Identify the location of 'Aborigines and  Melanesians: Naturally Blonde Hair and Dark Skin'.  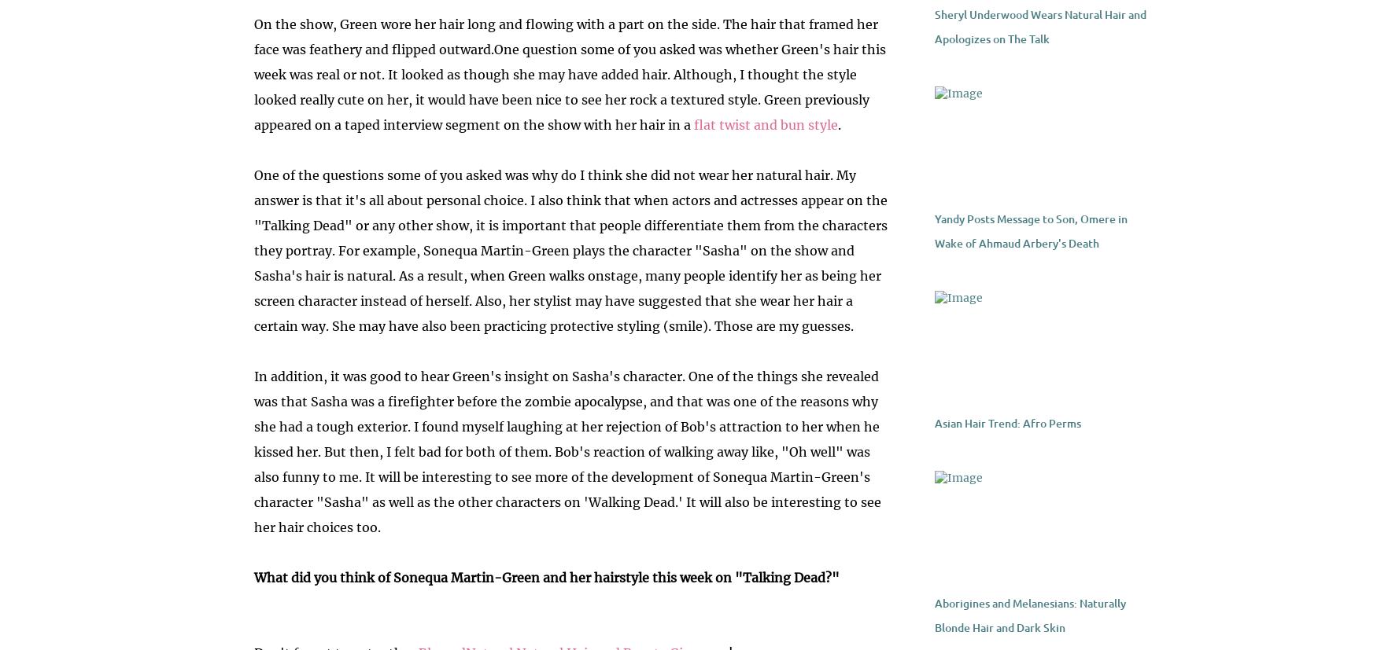
(1028, 615).